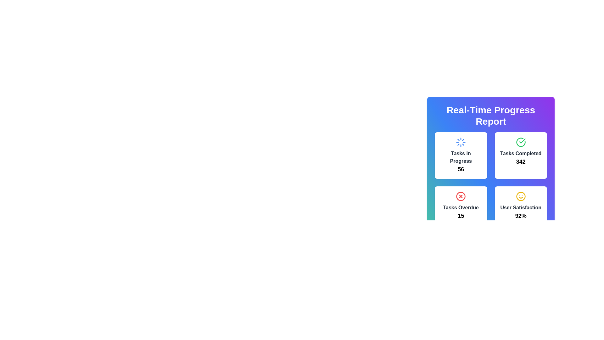 The width and height of the screenshot is (604, 340). I want to click on numeric value displayed in the 'Tasks Completed' text display, which is located in the top-right quadrant of the grid layout, so click(521, 161).